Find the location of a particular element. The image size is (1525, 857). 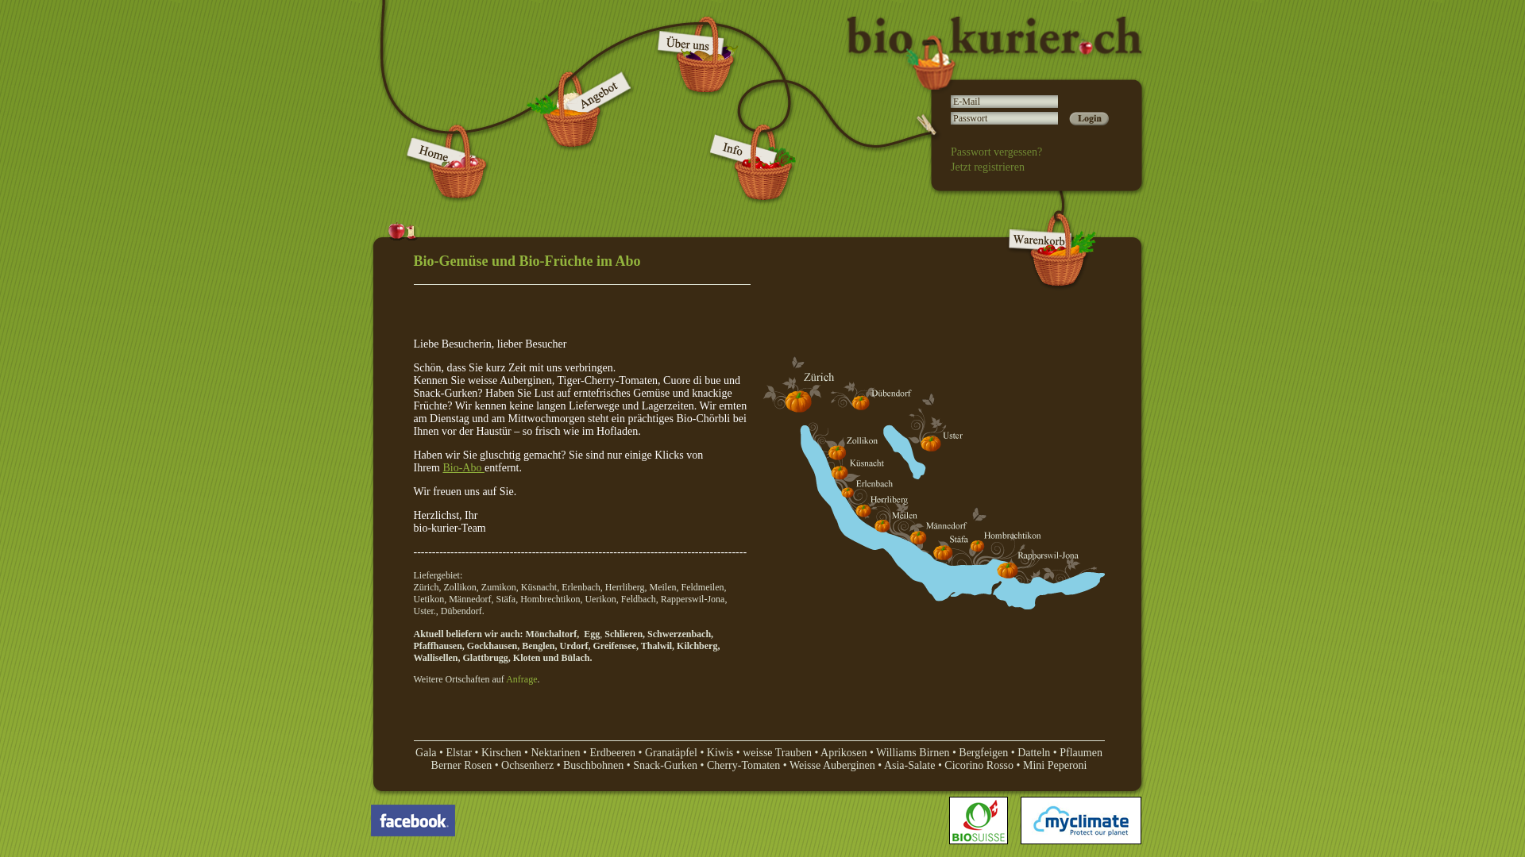

'Biosuisse' is located at coordinates (983, 840).